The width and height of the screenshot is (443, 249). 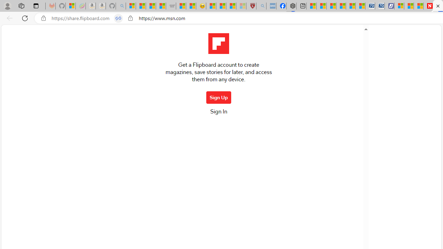 What do you see at coordinates (291, 6) in the screenshot?
I see `'Nordace - Nordace Siena Is Not An Ordinary Backpack'` at bounding box center [291, 6].